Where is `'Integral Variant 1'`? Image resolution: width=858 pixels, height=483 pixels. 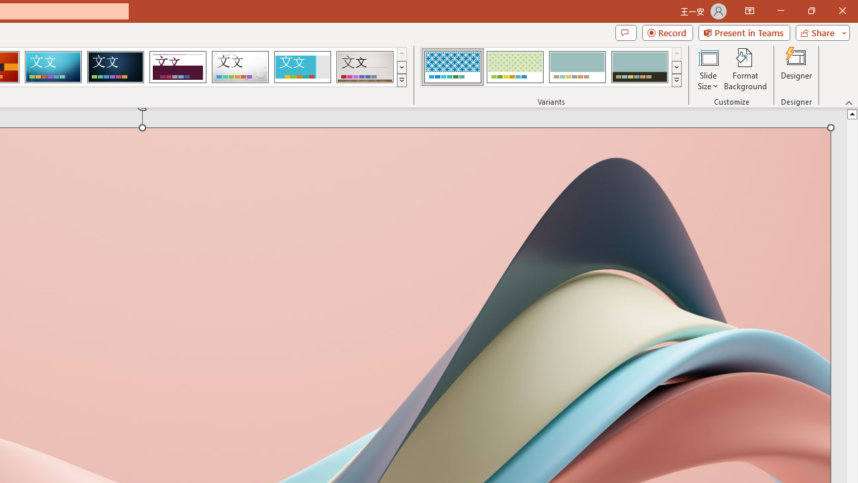
'Integral Variant 1' is located at coordinates (452, 67).